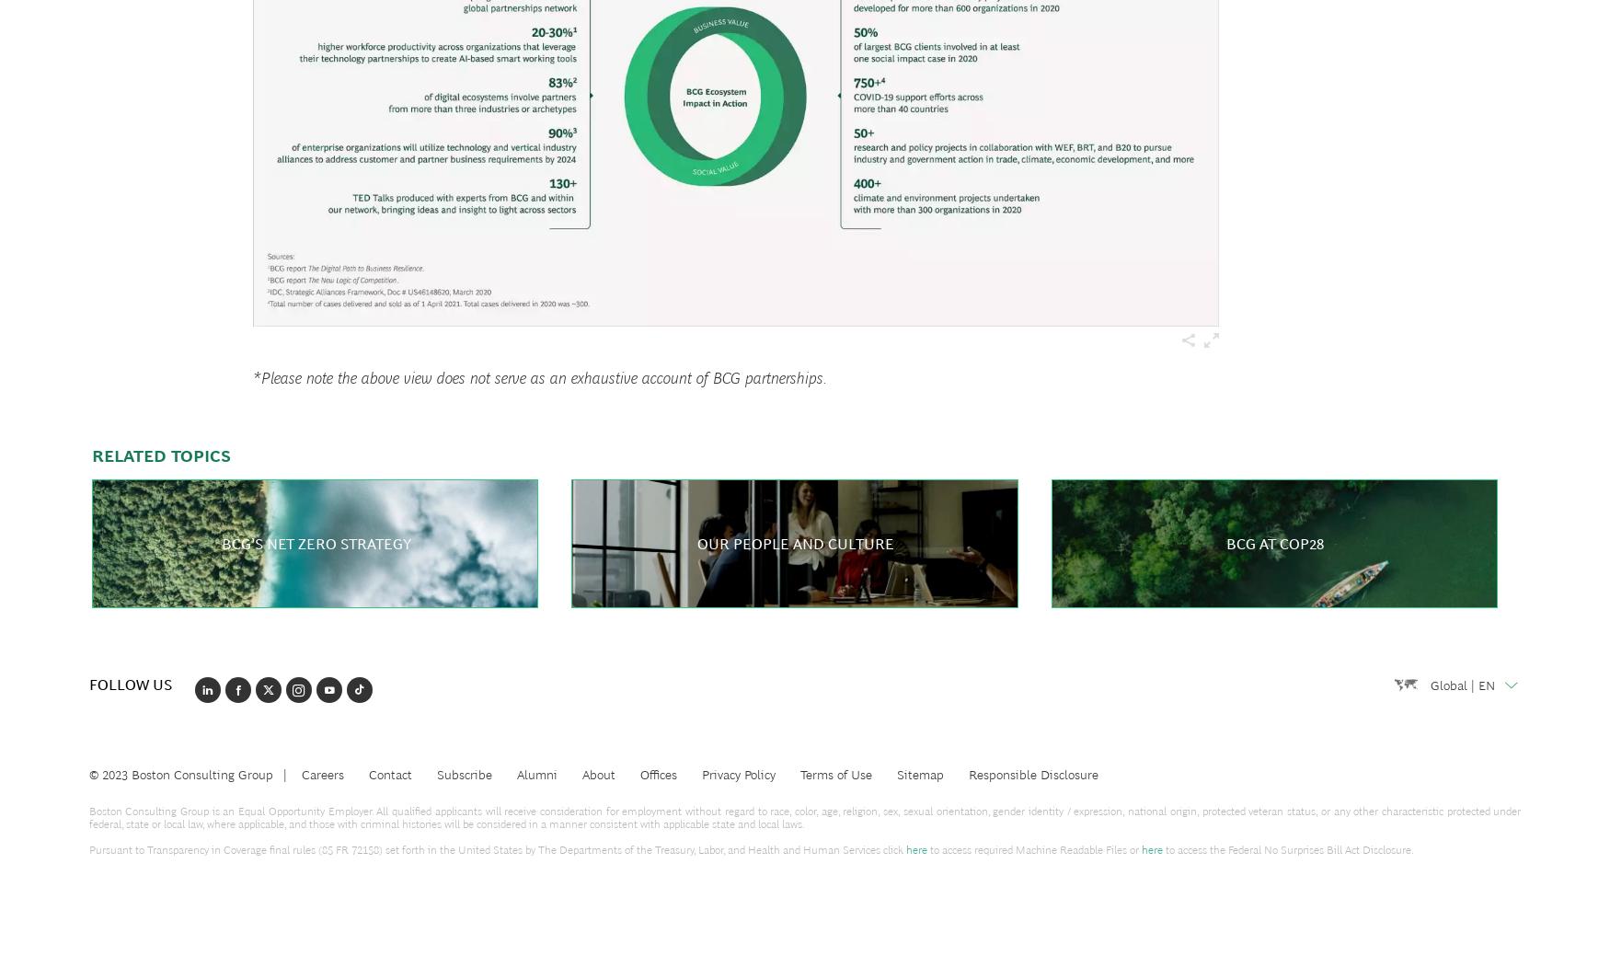 The height and width of the screenshot is (967, 1610). What do you see at coordinates (1032, 774) in the screenshot?
I see `'Responsible Disclosure'` at bounding box center [1032, 774].